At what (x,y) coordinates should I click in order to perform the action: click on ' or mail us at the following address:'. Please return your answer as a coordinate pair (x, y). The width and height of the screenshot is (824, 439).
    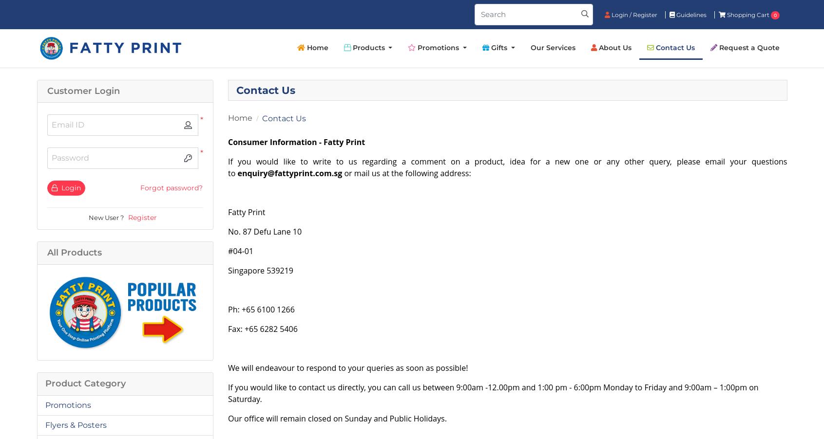
    Looking at the image, I should click on (342, 173).